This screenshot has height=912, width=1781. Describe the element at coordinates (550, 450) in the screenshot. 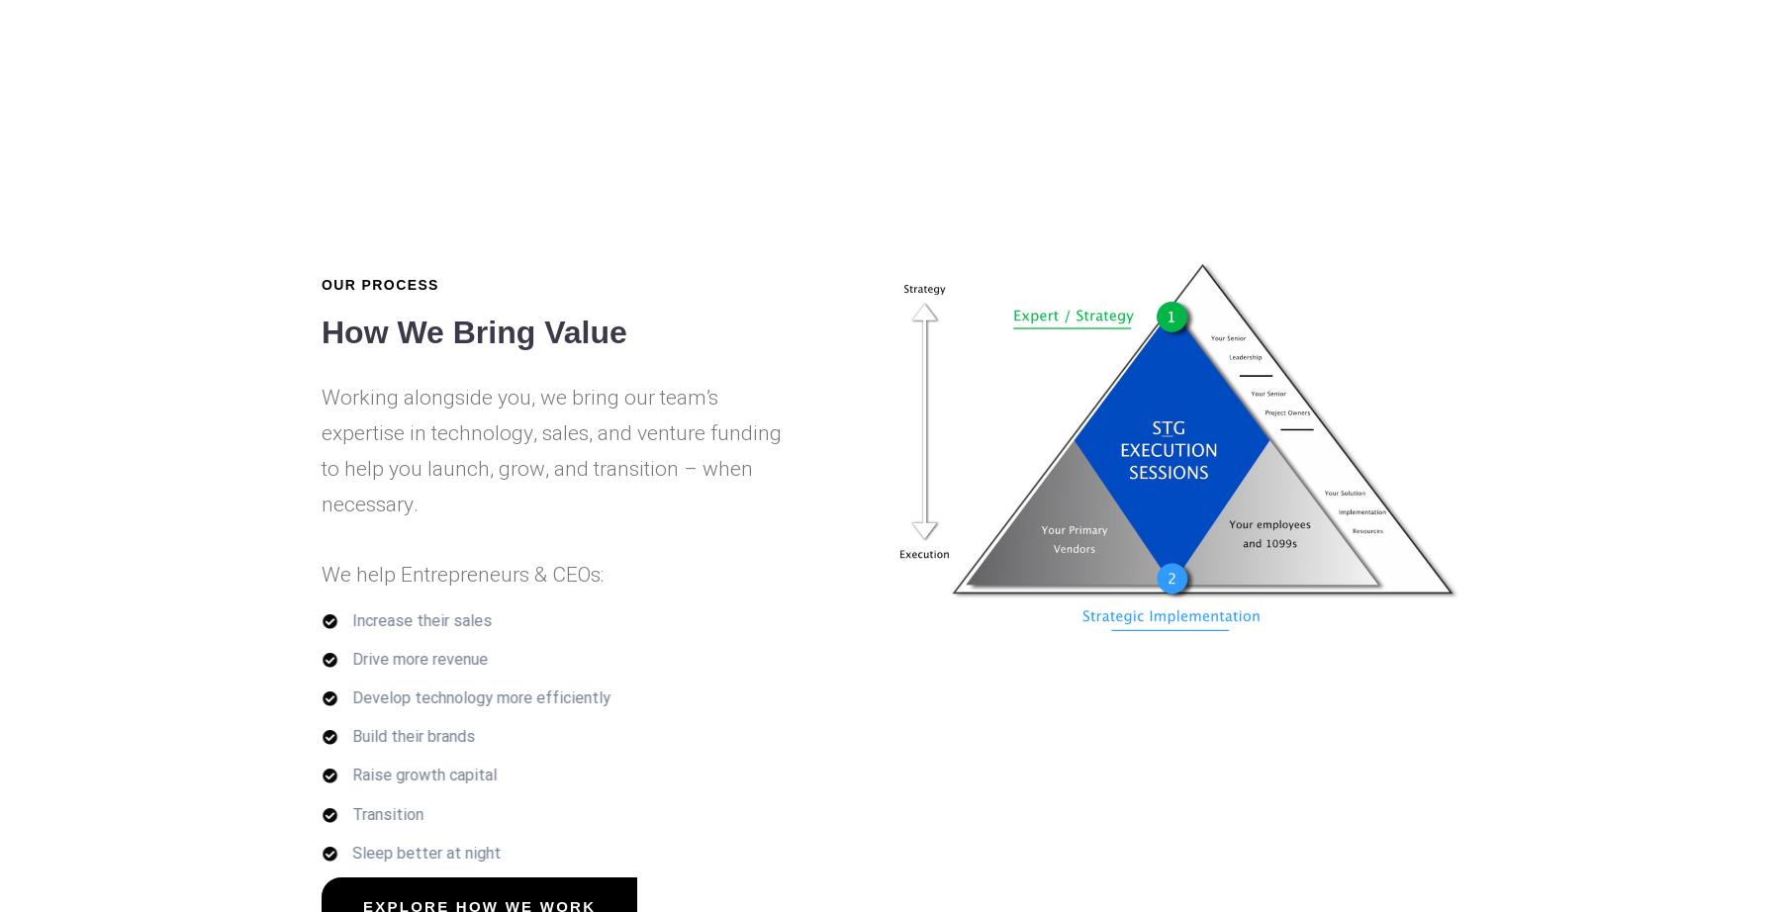

I see `'Working alongside you, we bring our team’s expertise in technology, sales, and venture funding to help you launch, grow, and transition – when necessary.'` at that location.